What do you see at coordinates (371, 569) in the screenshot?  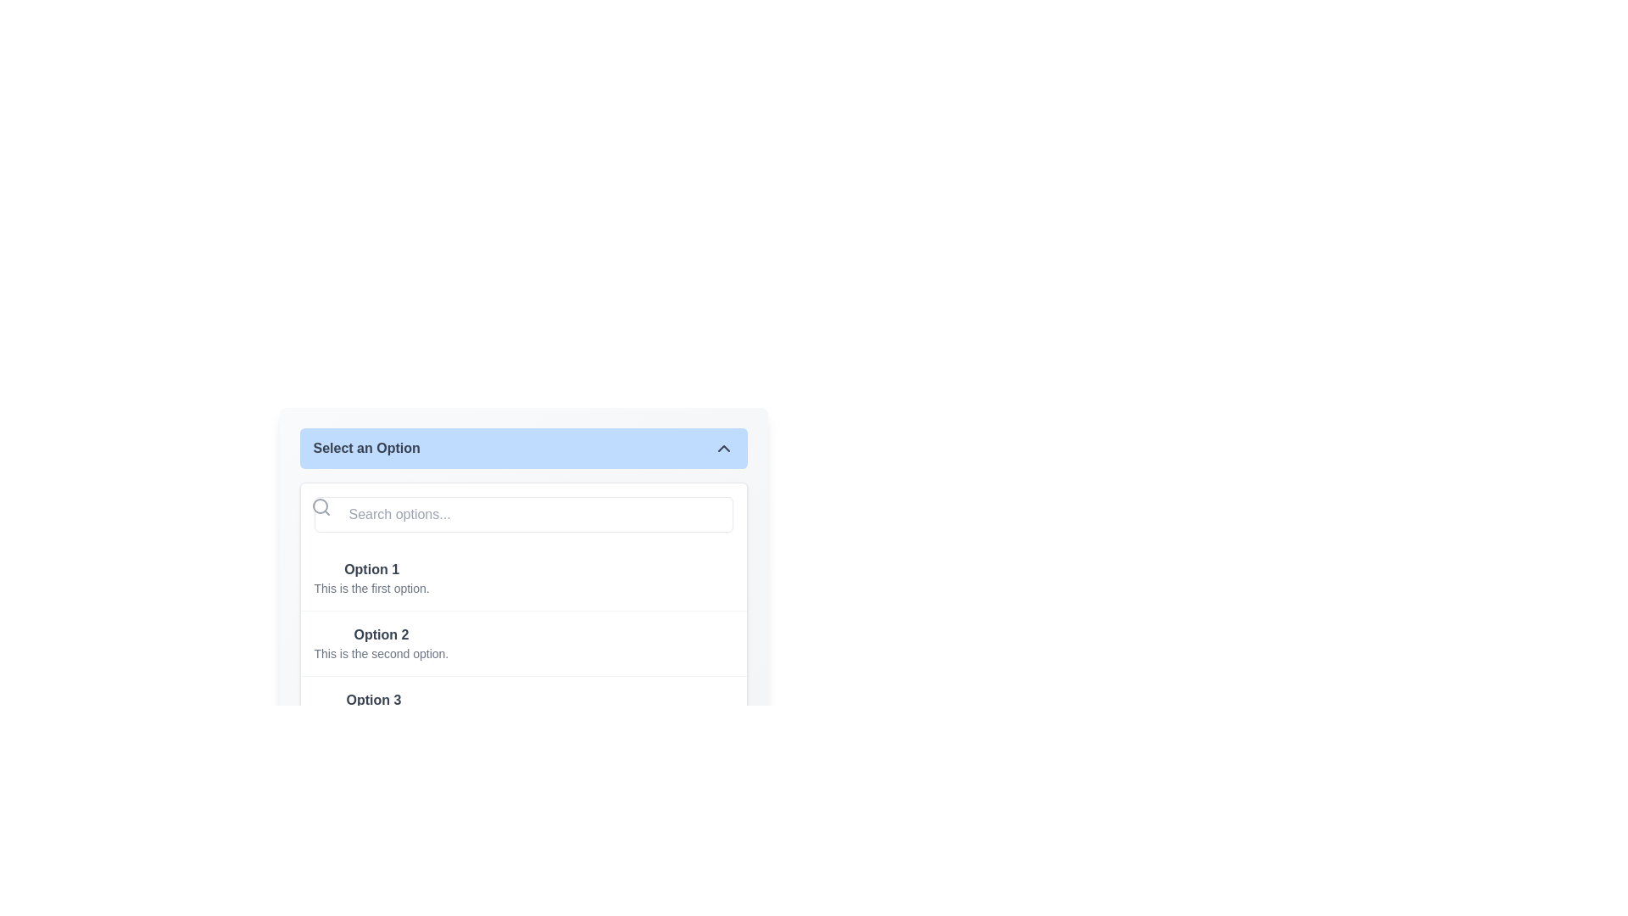 I see `the text label 'Option 1', which is styled in a bold gray font and serves as a heading for the associated description 'This is the first option'` at bounding box center [371, 569].